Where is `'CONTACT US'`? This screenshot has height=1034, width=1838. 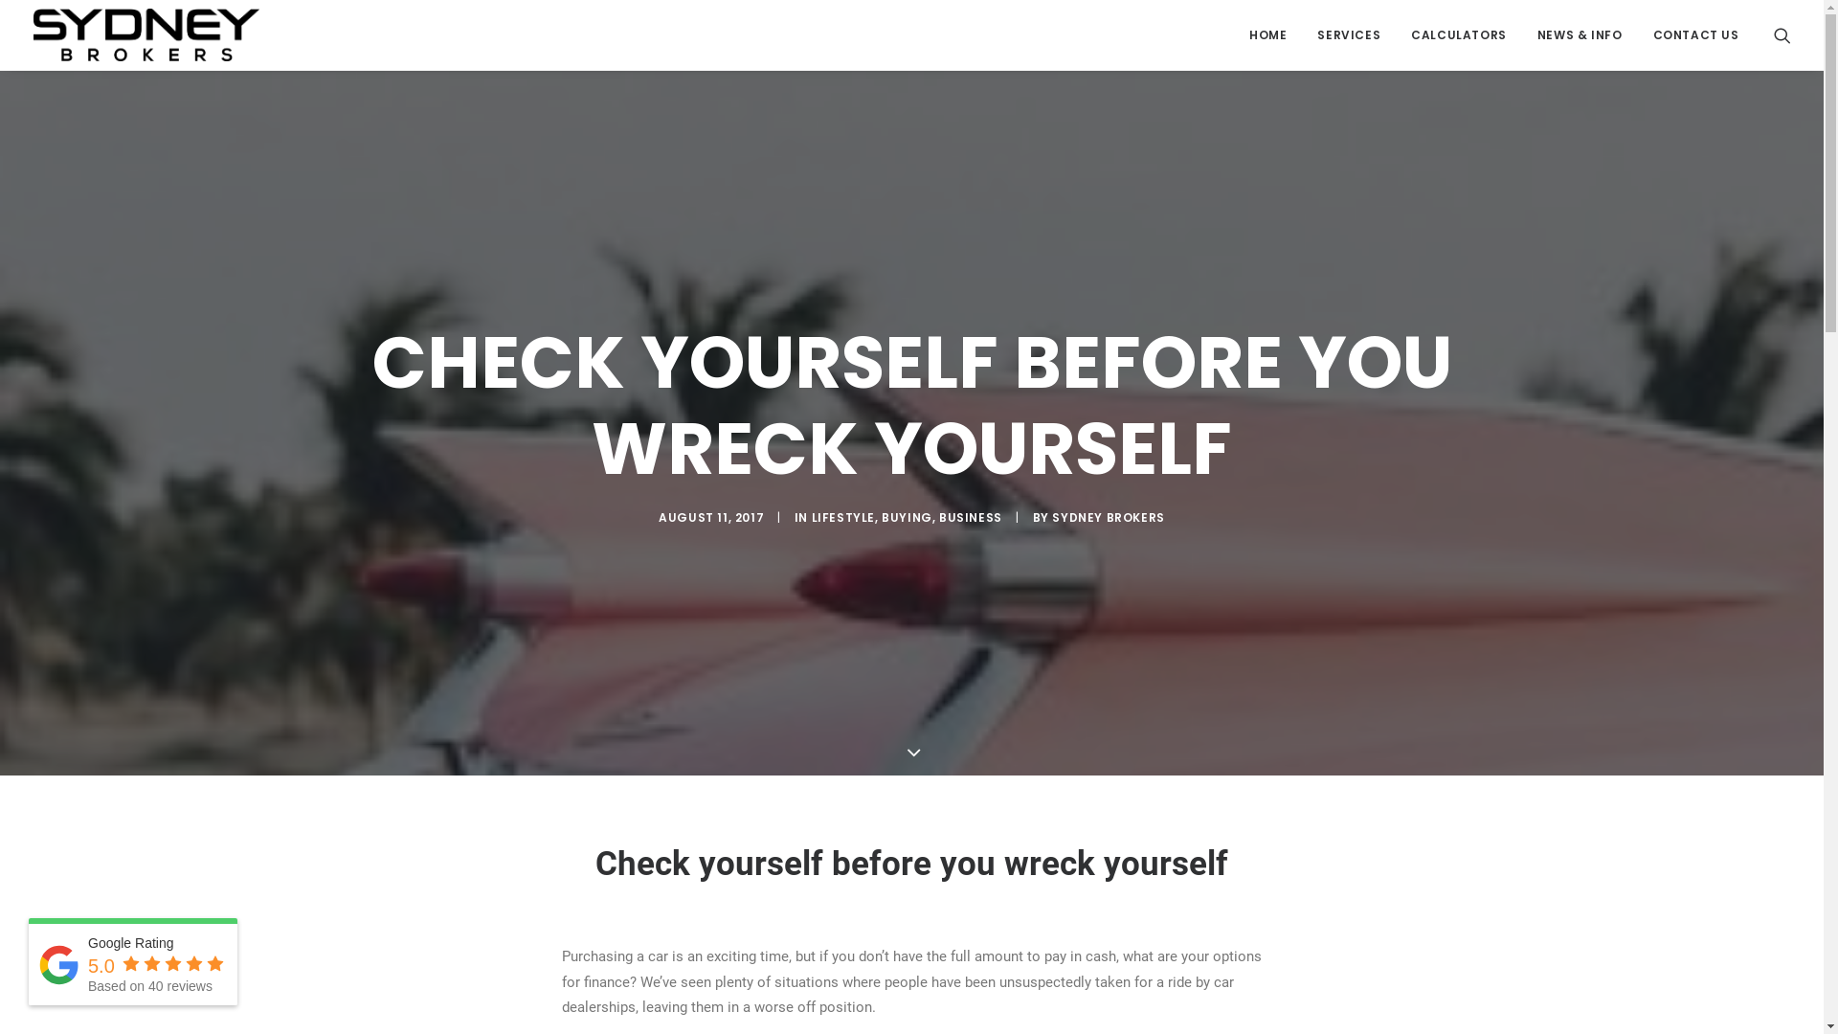 'CONTACT US' is located at coordinates (1638, 34).